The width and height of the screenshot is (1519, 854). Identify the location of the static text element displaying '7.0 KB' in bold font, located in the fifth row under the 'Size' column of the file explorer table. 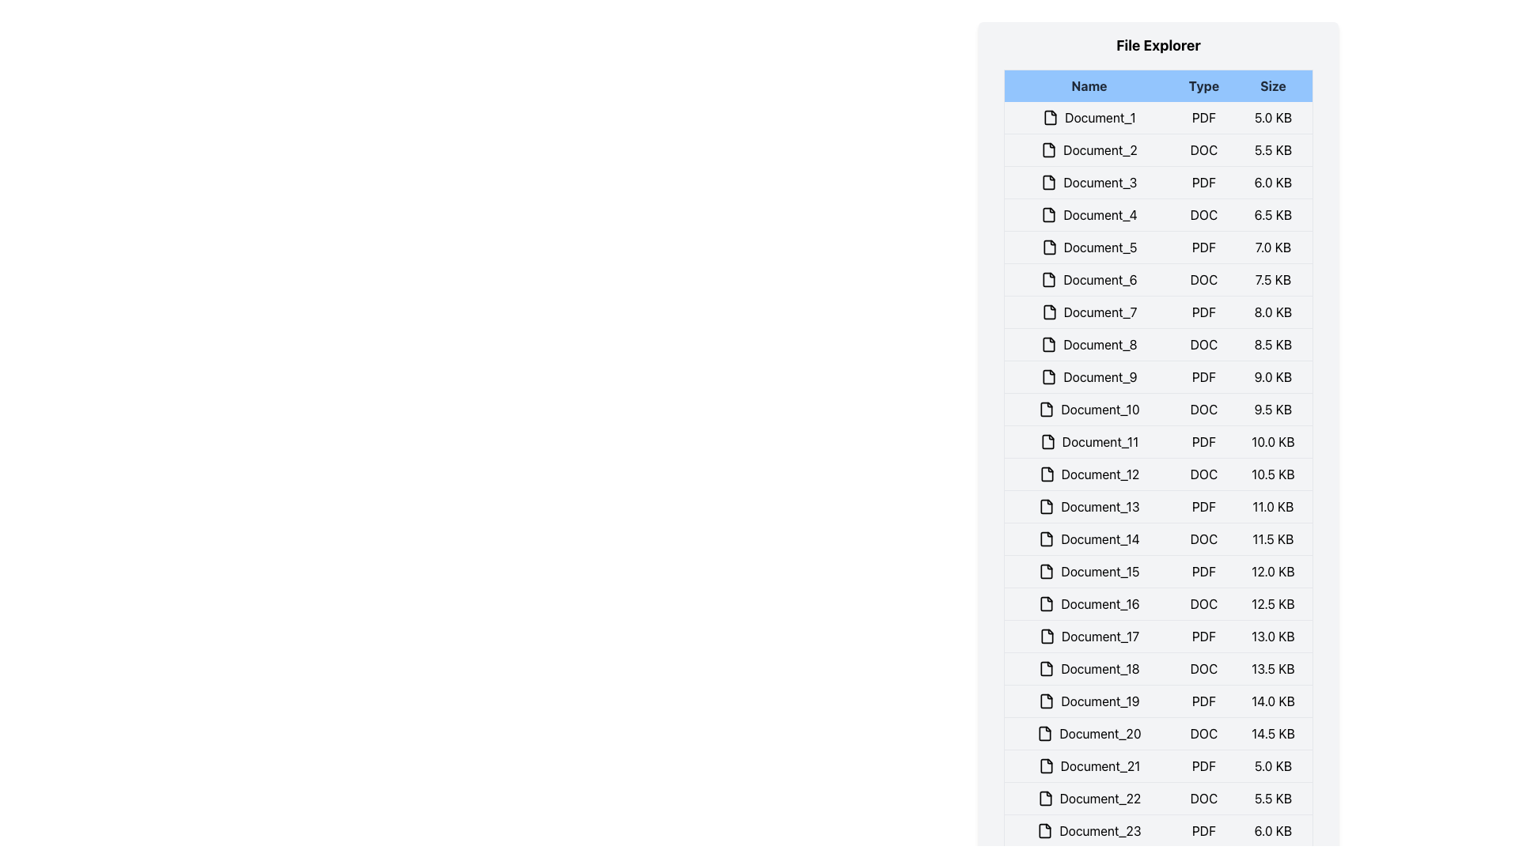
(1273, 247).